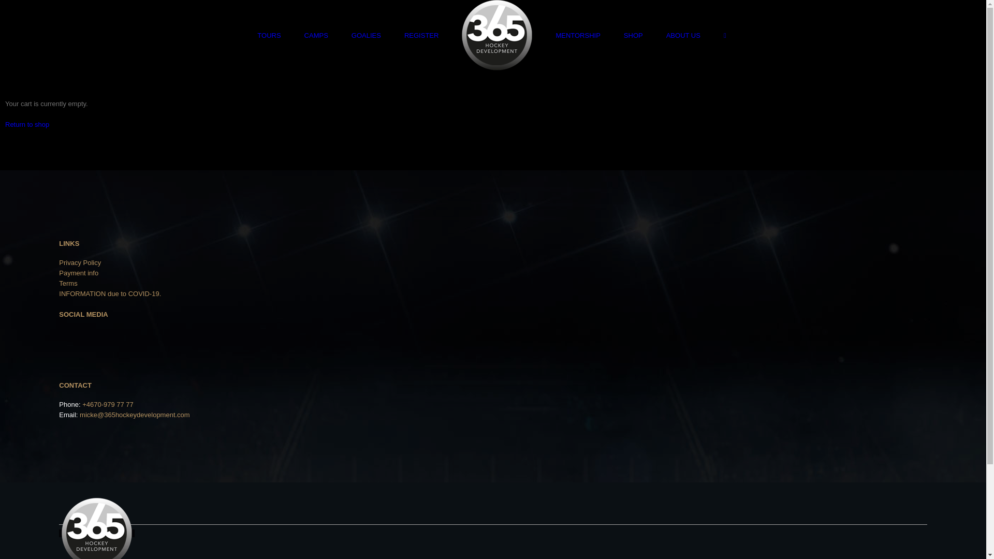  I want to click on 'GOALIES', so click(366, 35).